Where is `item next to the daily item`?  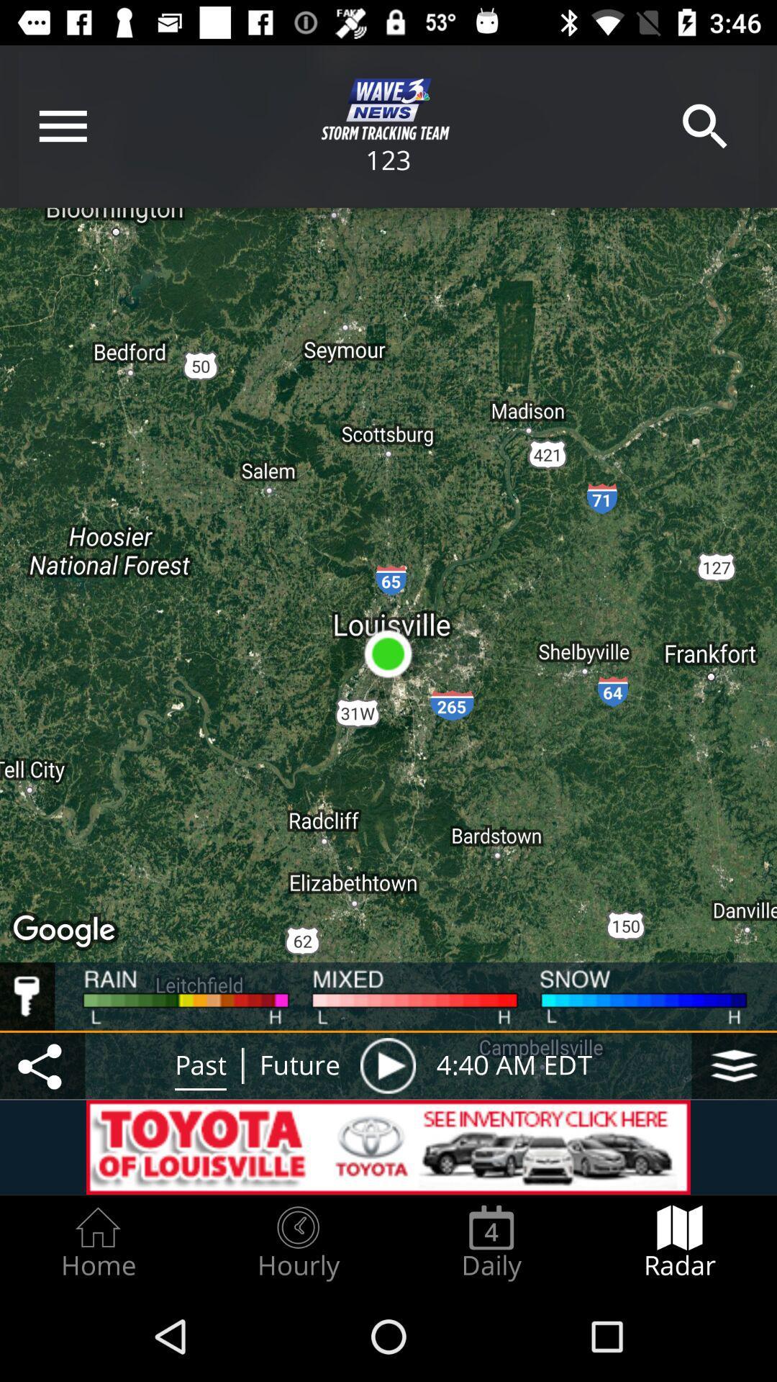
item next to the daily item is located at coordinates (680, 1242).